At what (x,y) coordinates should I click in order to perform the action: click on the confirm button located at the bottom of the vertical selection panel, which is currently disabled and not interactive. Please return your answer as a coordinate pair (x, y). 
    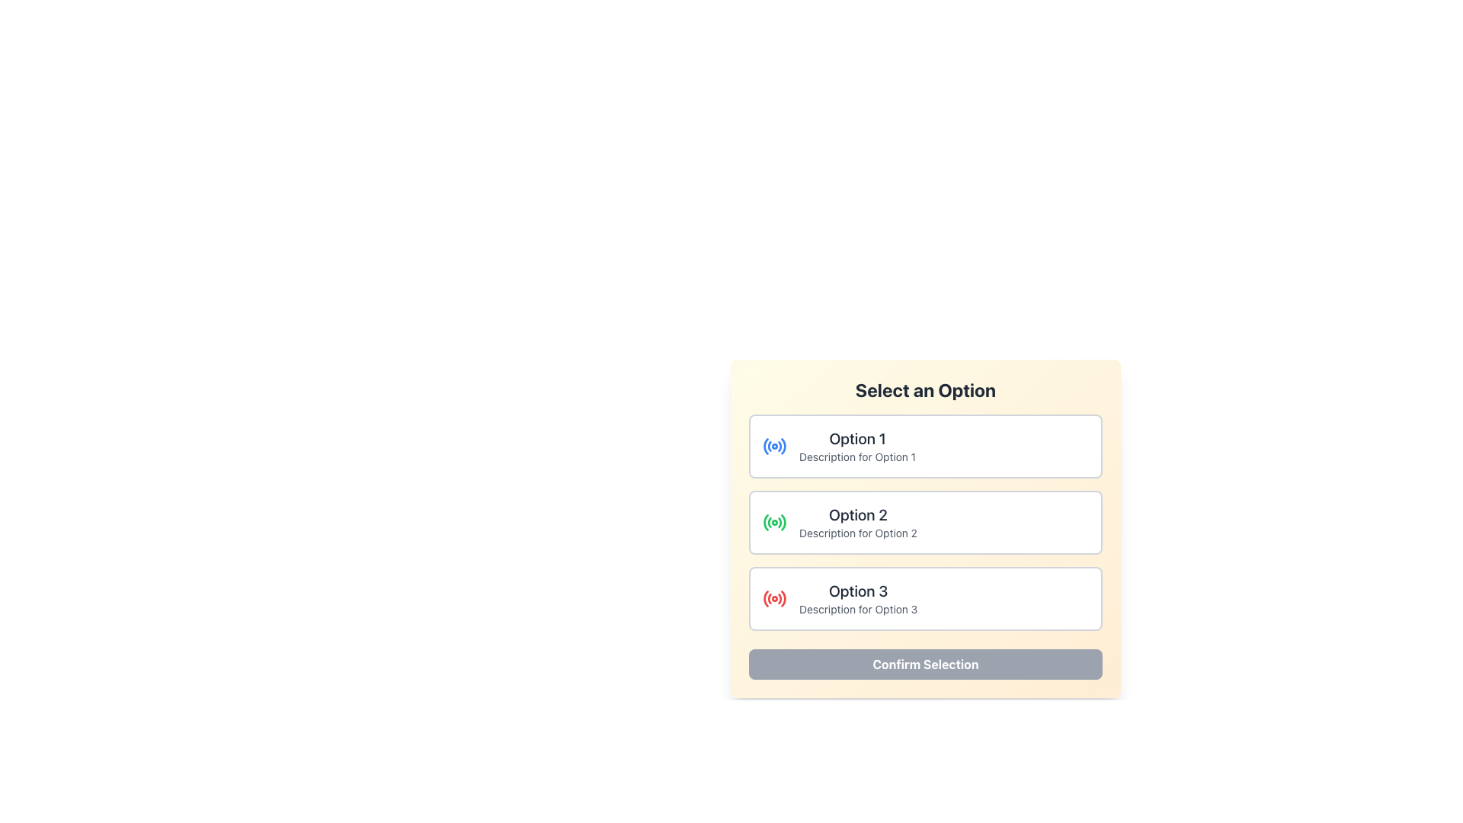
    Looking at the image, I should click on (924, 663).